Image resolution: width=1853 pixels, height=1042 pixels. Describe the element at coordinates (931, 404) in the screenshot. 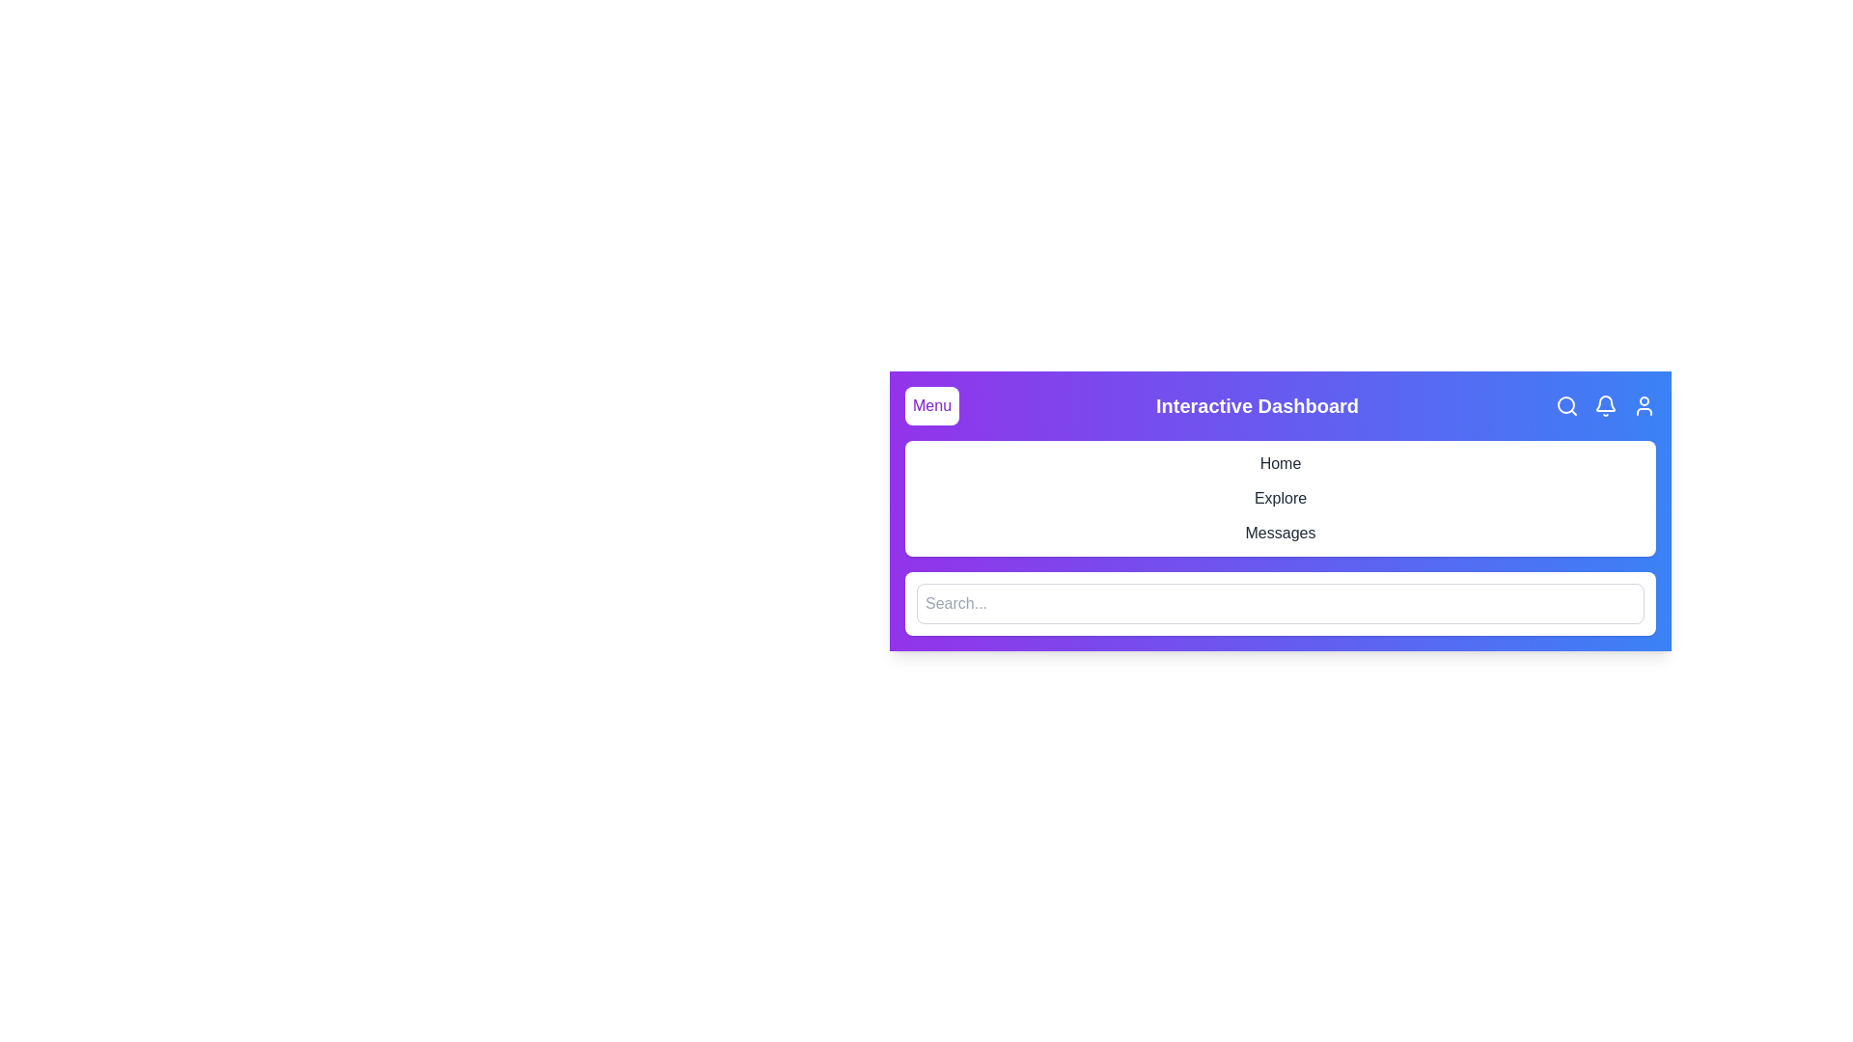

I see `the Menu button to observe its hover effect` at that location.